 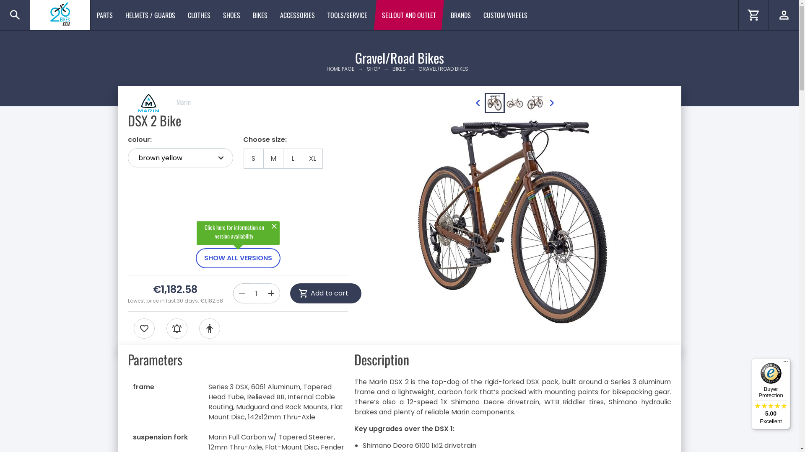 I want to click on 'CUSTOM WHEELS', so click(x=505, y=15).